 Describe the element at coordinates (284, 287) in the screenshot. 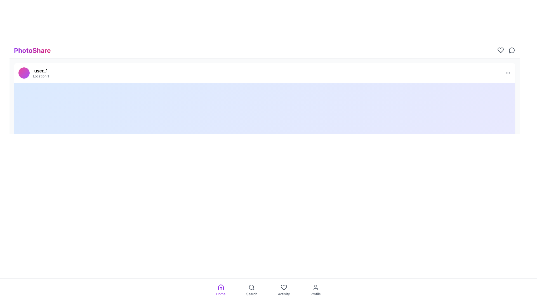

I see `the heart icon in the navigation bar at the bottom of the interface` at that location.